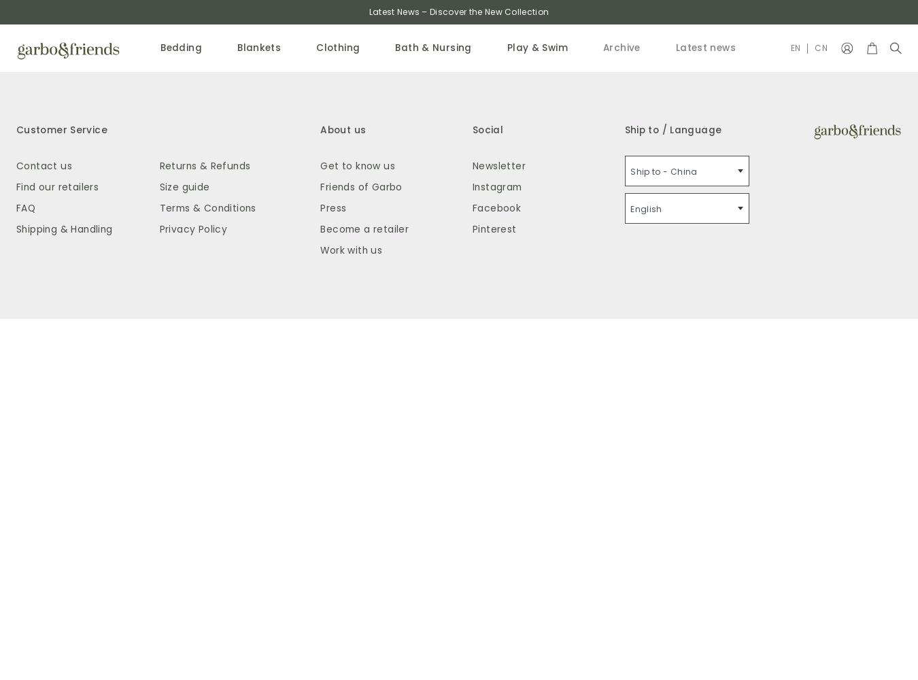 The height and width of the screenshot is (680, 918). I want to click on 'Blankets', so click(258, 47).